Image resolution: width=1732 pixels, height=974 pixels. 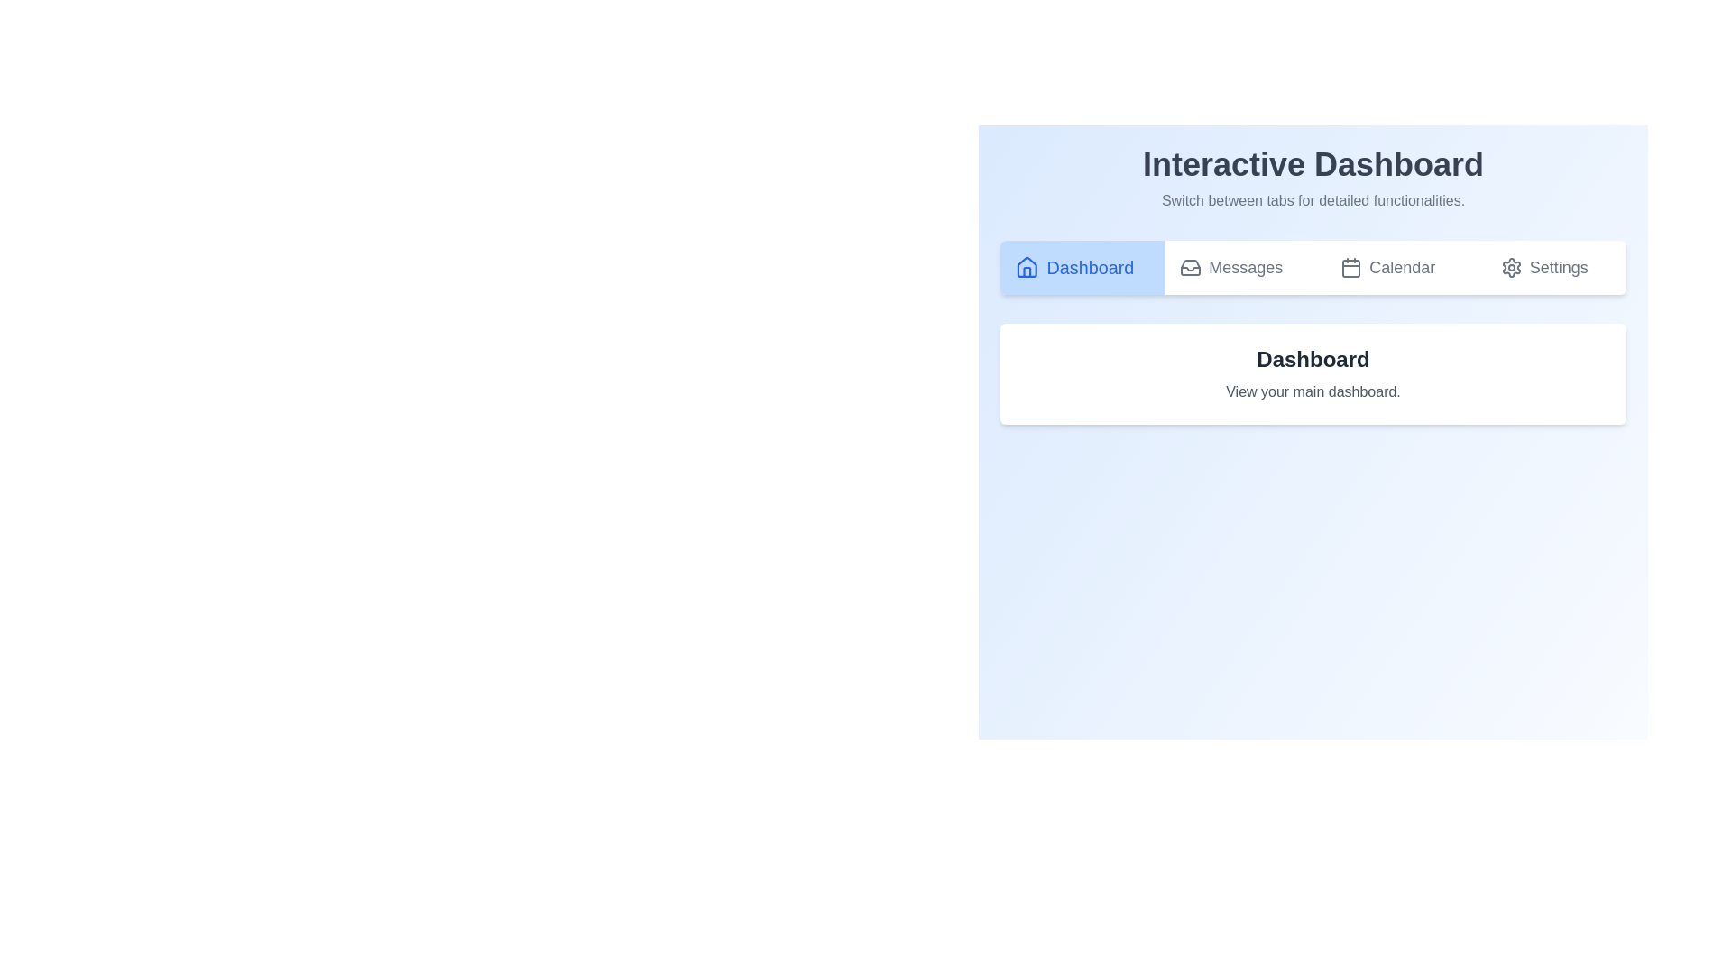 What do you see at coordinates (1313, 391) in the screenshot?
I see `the informational text providing a brief explanation about the primary function of the 'Dashboard' section, which is positioned directly below the 'Dashboard' heading within a white, rounded rectangular card` at bounding box center [1313, 391].